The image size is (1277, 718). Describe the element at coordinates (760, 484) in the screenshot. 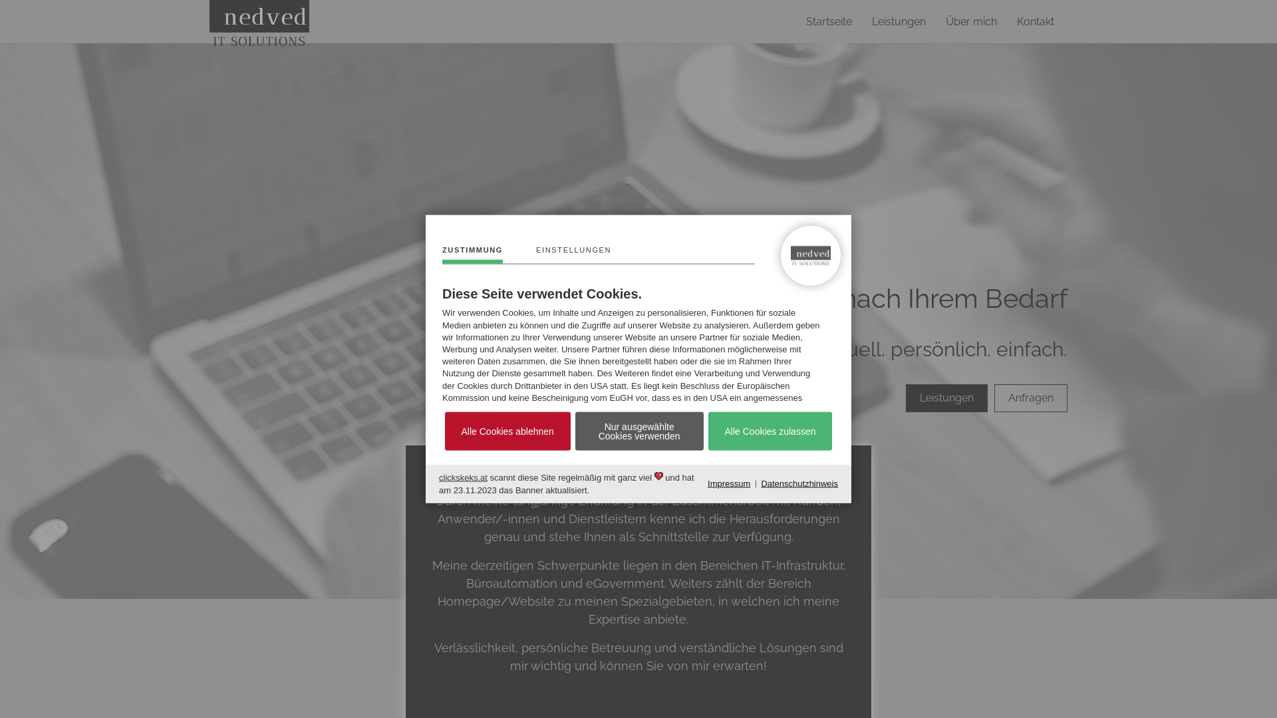

I see `'Datenschutzhinweis'` at that location.